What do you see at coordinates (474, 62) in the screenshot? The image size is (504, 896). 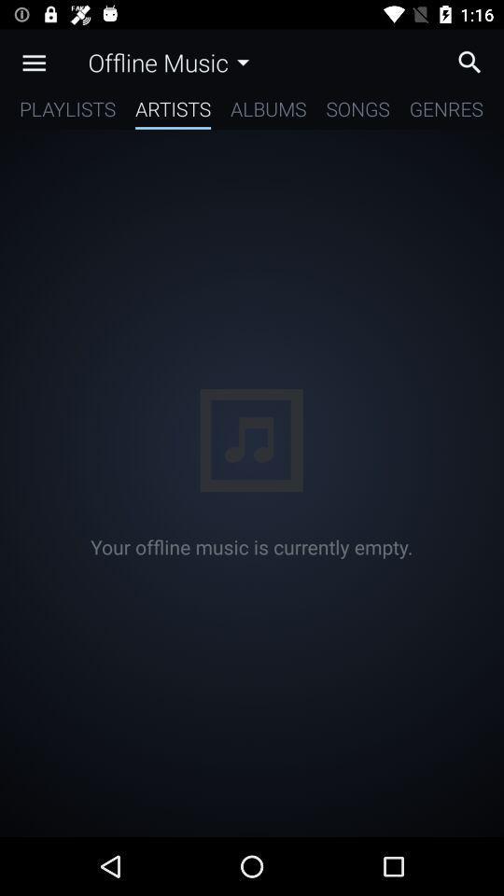 I see `open search bar` at bounding box center [474, 62].